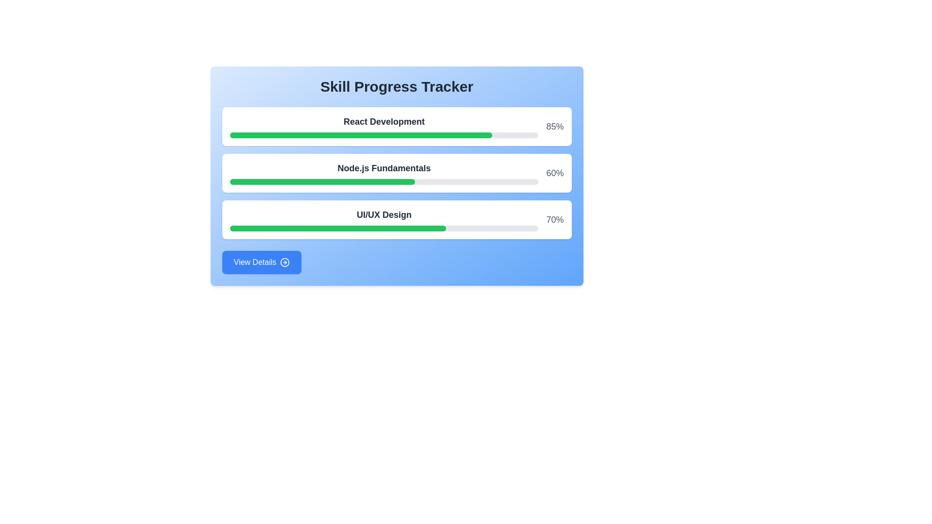  I want to click on horizontal progress bar located below the 'Node.js Fundamentals' text, which shows a green filled portion indicating progress, using developer tools, so click(383, 181).